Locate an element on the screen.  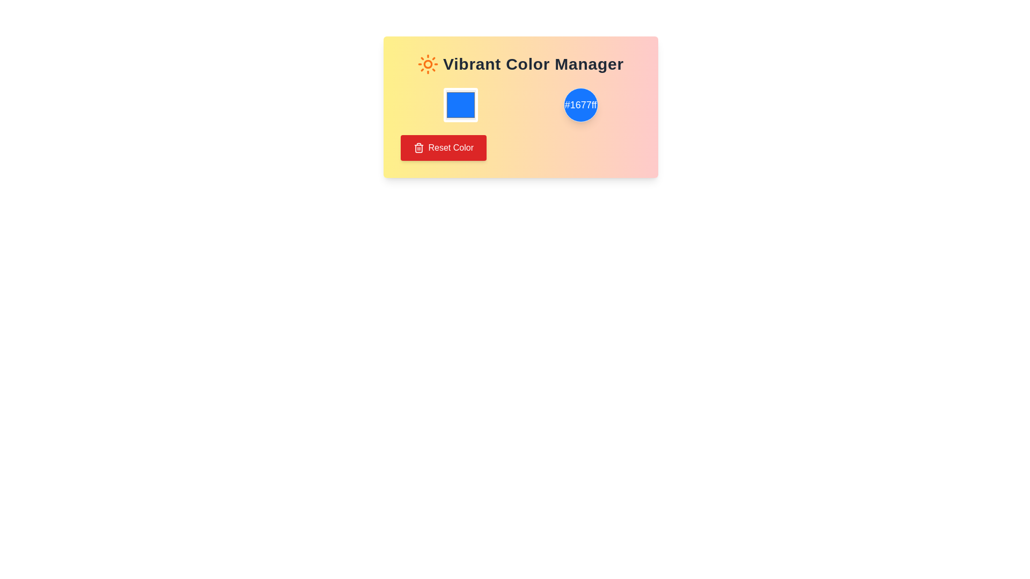
the core of the sun icon within the 'Vibrant Color Manager' card, which visually represents brightness or color selection is located at coordinates (427, 64).